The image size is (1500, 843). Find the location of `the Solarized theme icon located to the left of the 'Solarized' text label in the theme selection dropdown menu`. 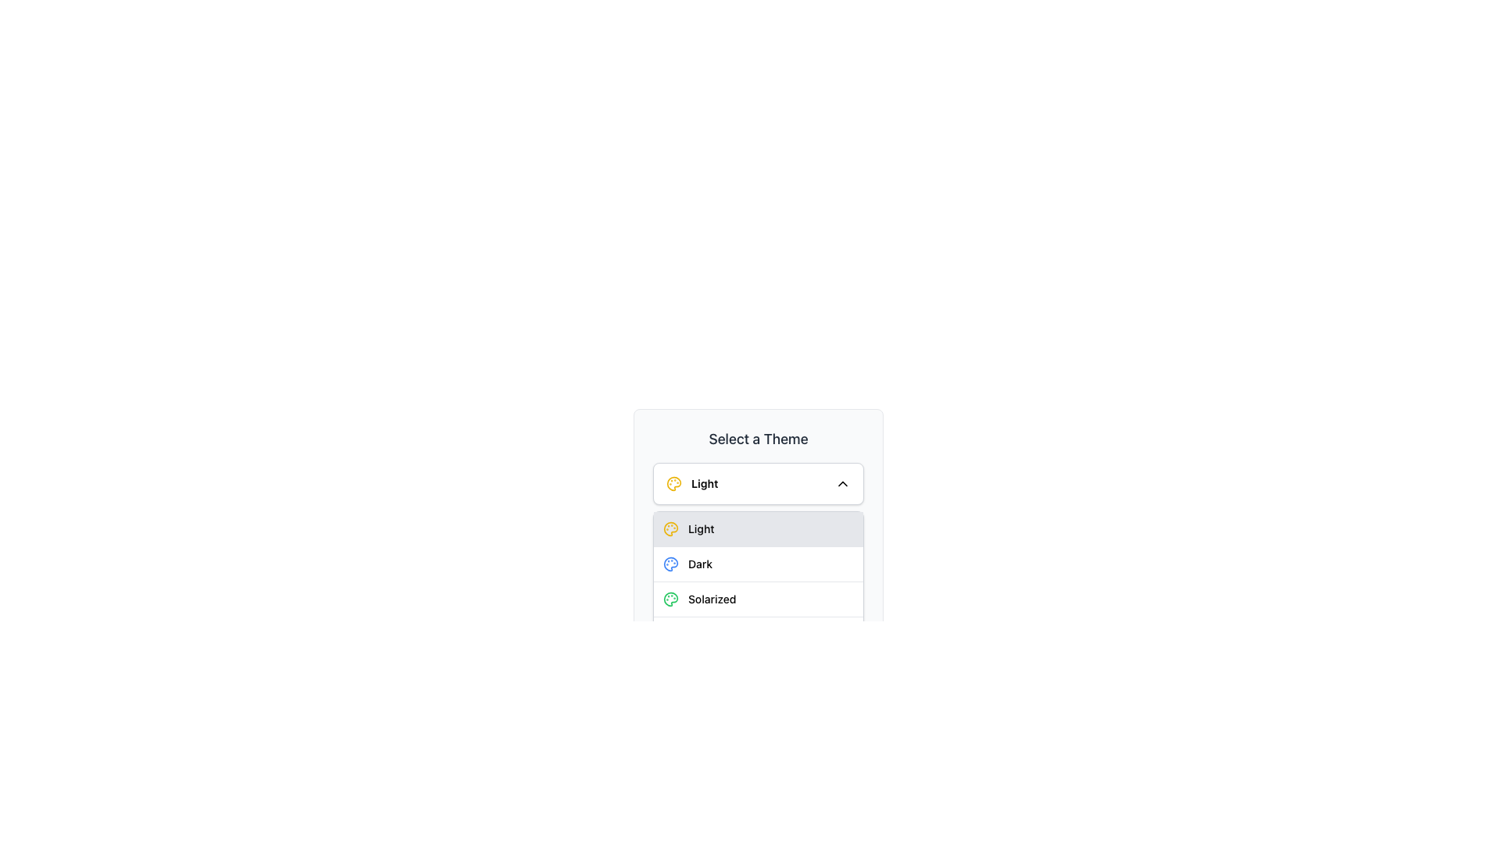

the Solarized theme icon located to the left of the 'Solarized' text label in the theme selection dropdown menu is located at coordinates (671, 598).